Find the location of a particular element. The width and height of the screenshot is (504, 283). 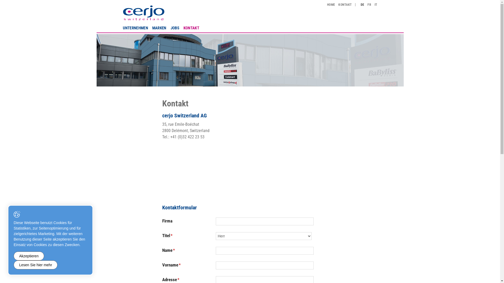

'HOME' is located at coordinates (327, 5).